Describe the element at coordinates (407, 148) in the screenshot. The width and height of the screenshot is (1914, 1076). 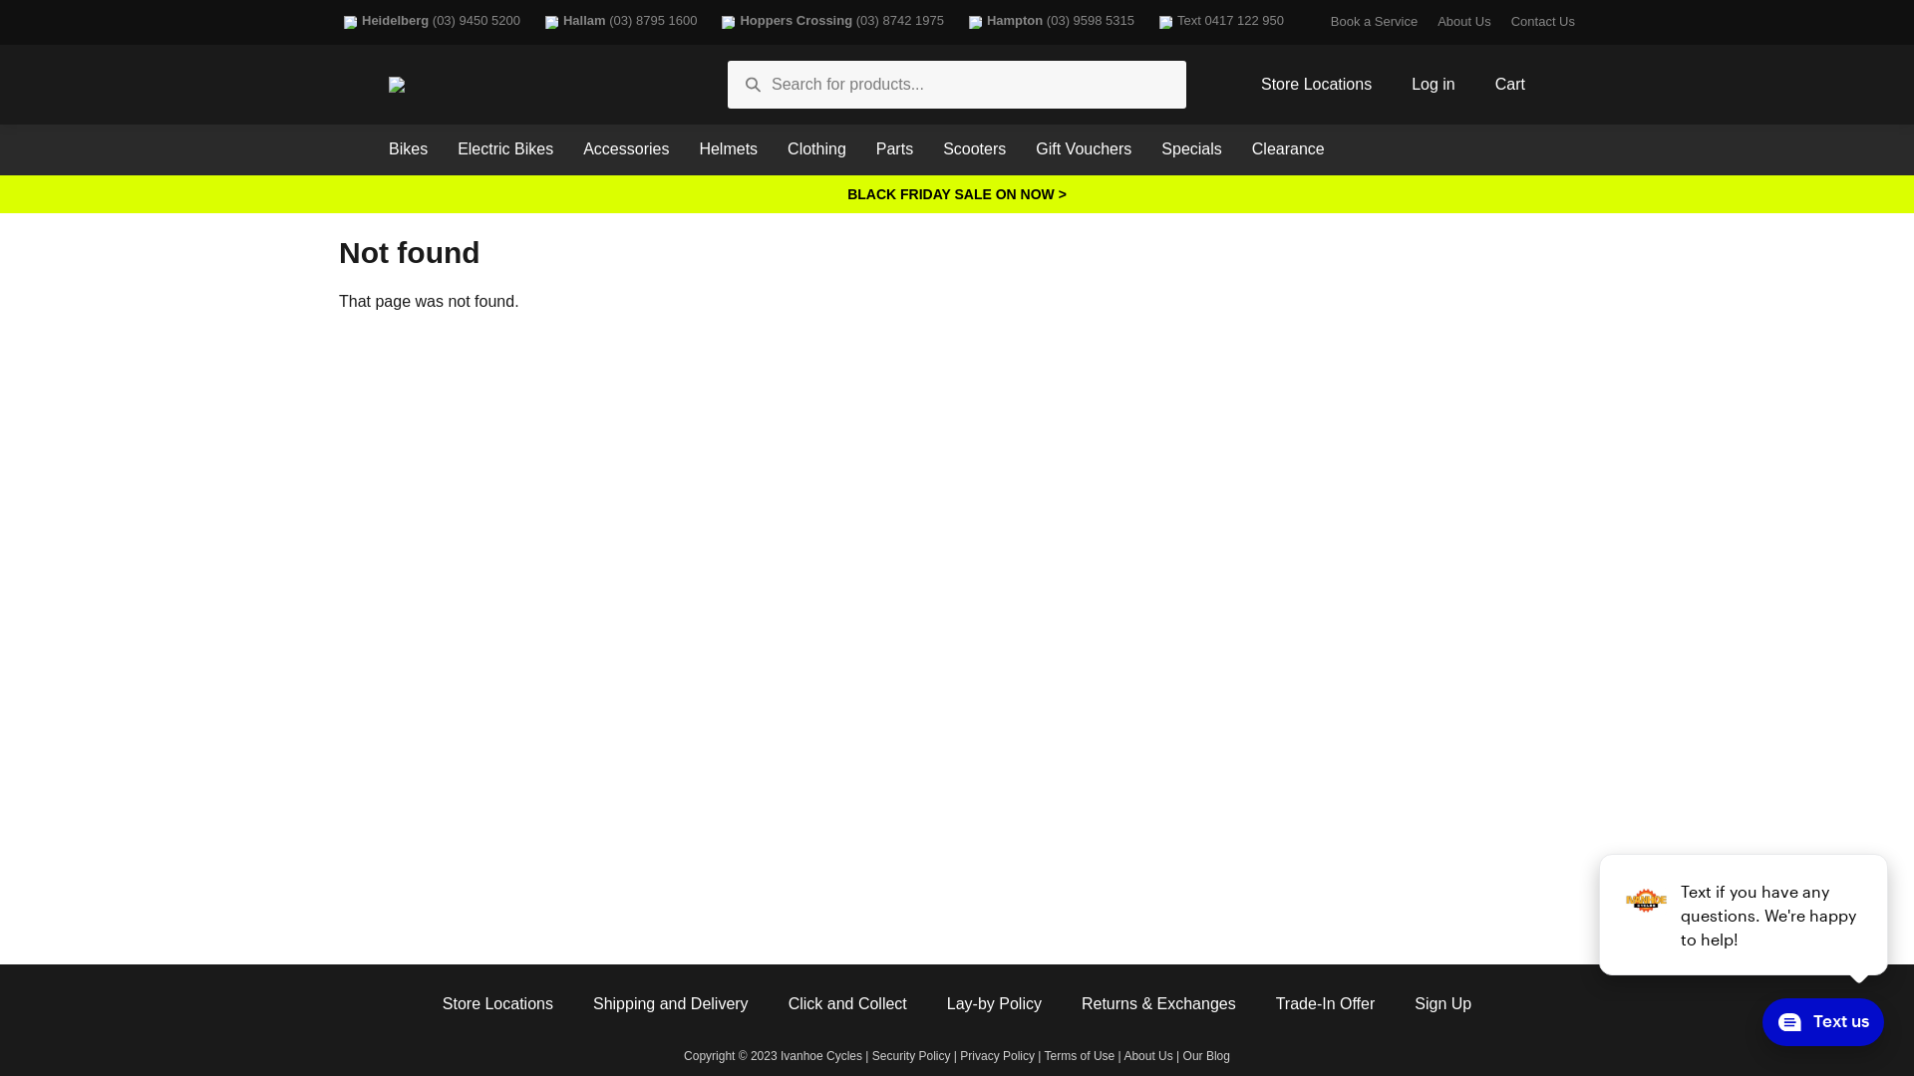
I see `'Bikes'` at that location.